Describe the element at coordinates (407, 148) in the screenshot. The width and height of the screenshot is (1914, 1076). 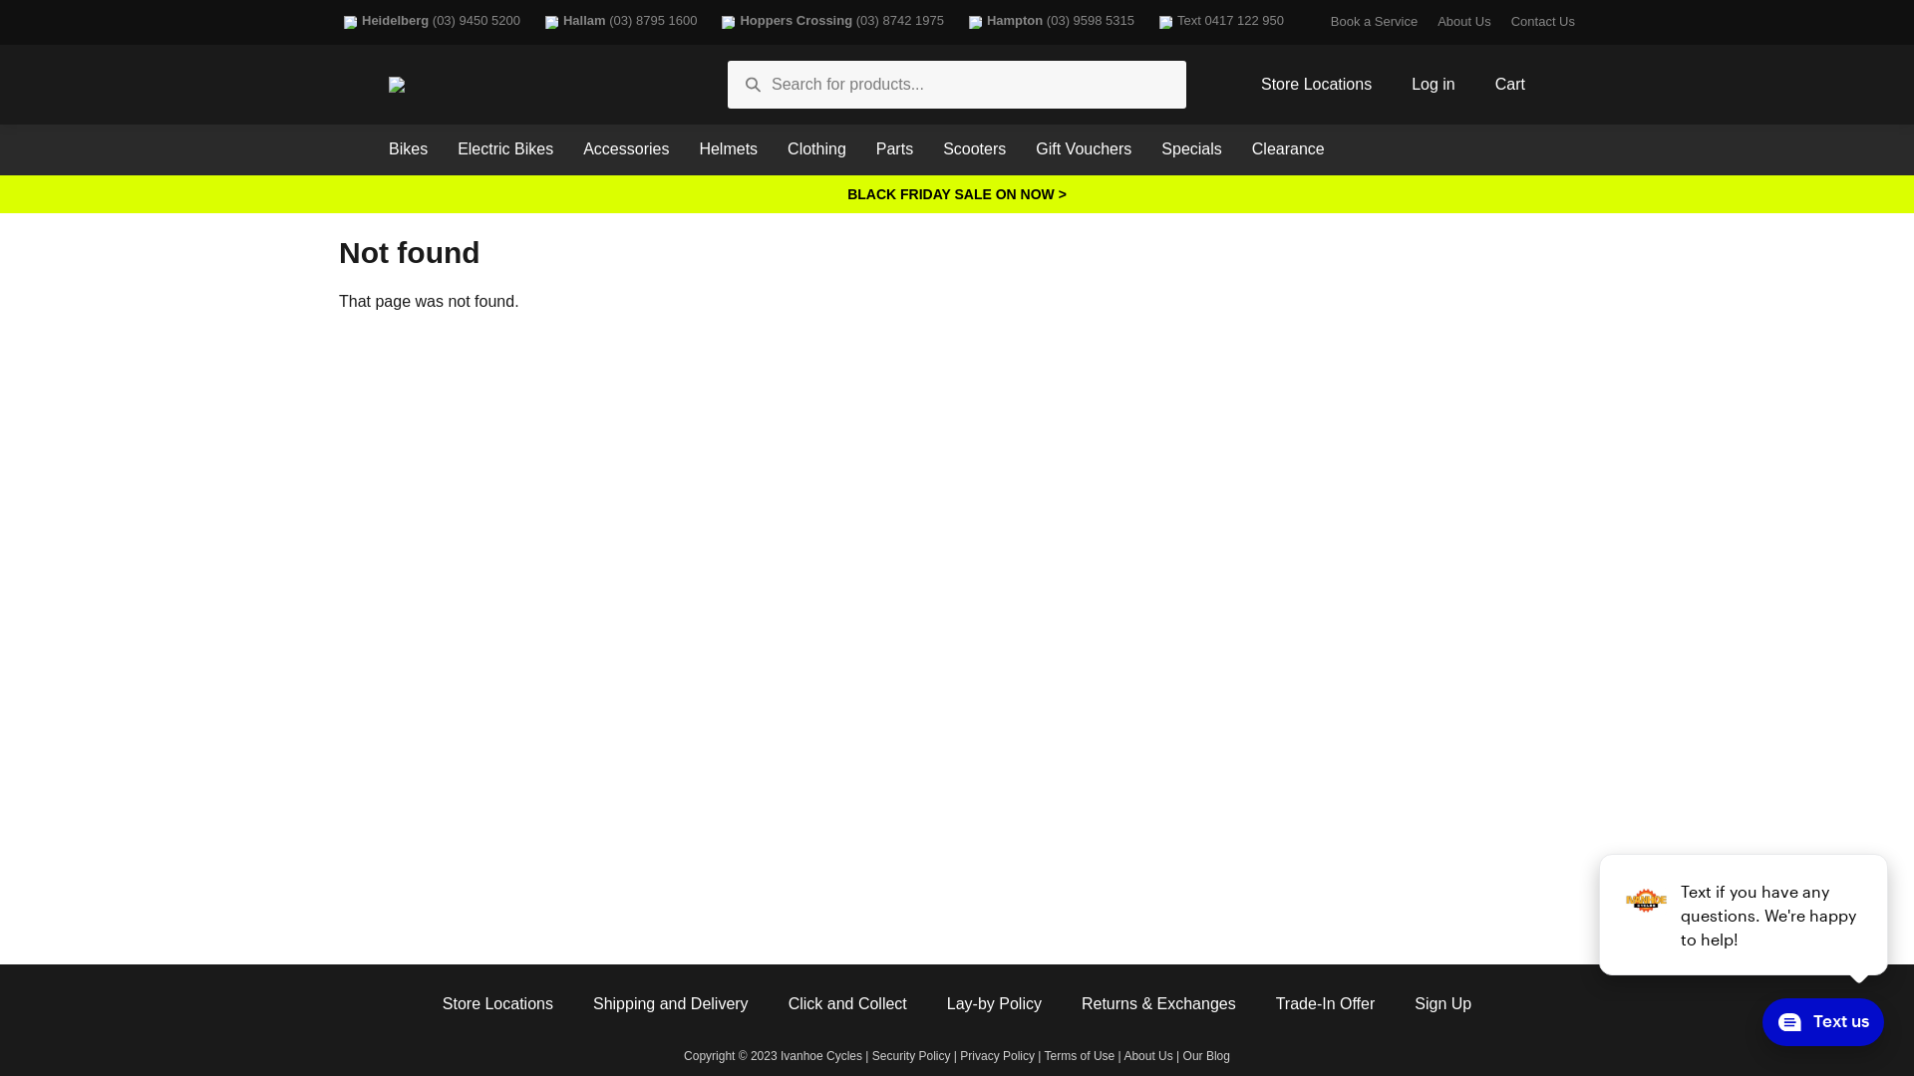
I see `'Bikes'` at that location.